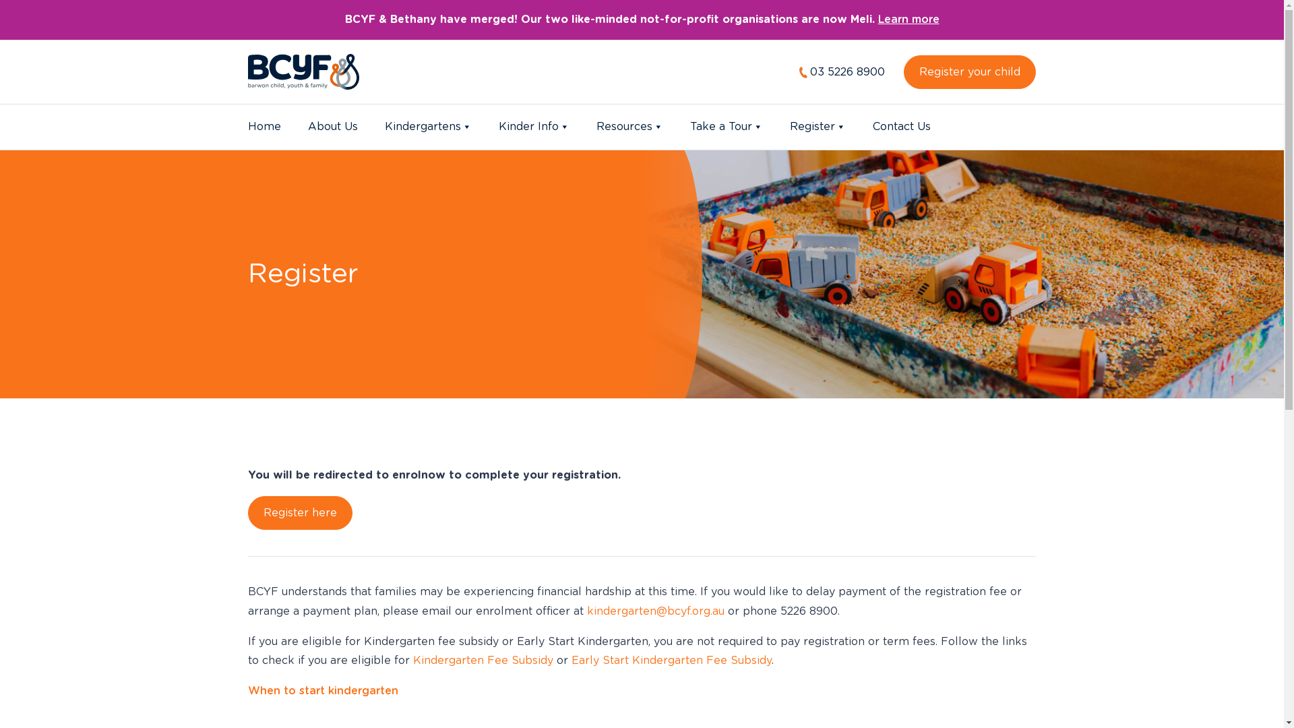  What do you see at coordinates (264, 127) in the screenshot?
I see `'Home'` at bounding box center [264, 127].